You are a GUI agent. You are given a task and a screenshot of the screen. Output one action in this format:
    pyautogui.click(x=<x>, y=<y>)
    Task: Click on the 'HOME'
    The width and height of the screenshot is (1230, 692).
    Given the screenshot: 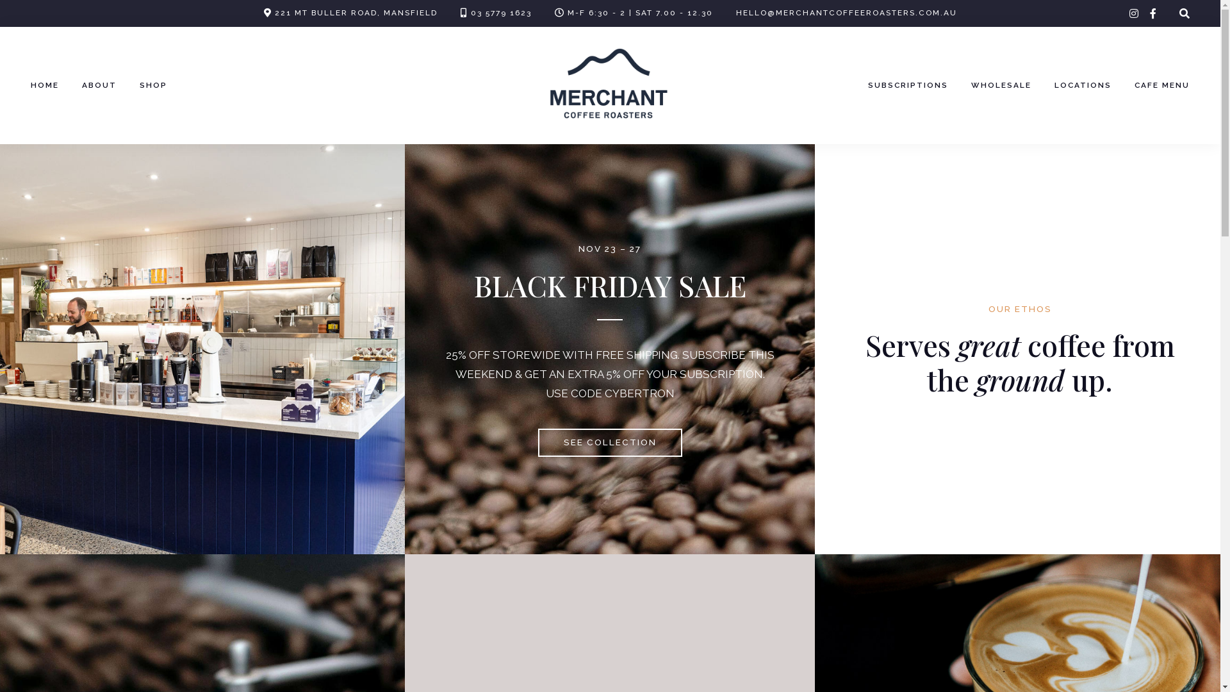 What is the action you would take?
    pyautogui.click(x=31, y=86)
    